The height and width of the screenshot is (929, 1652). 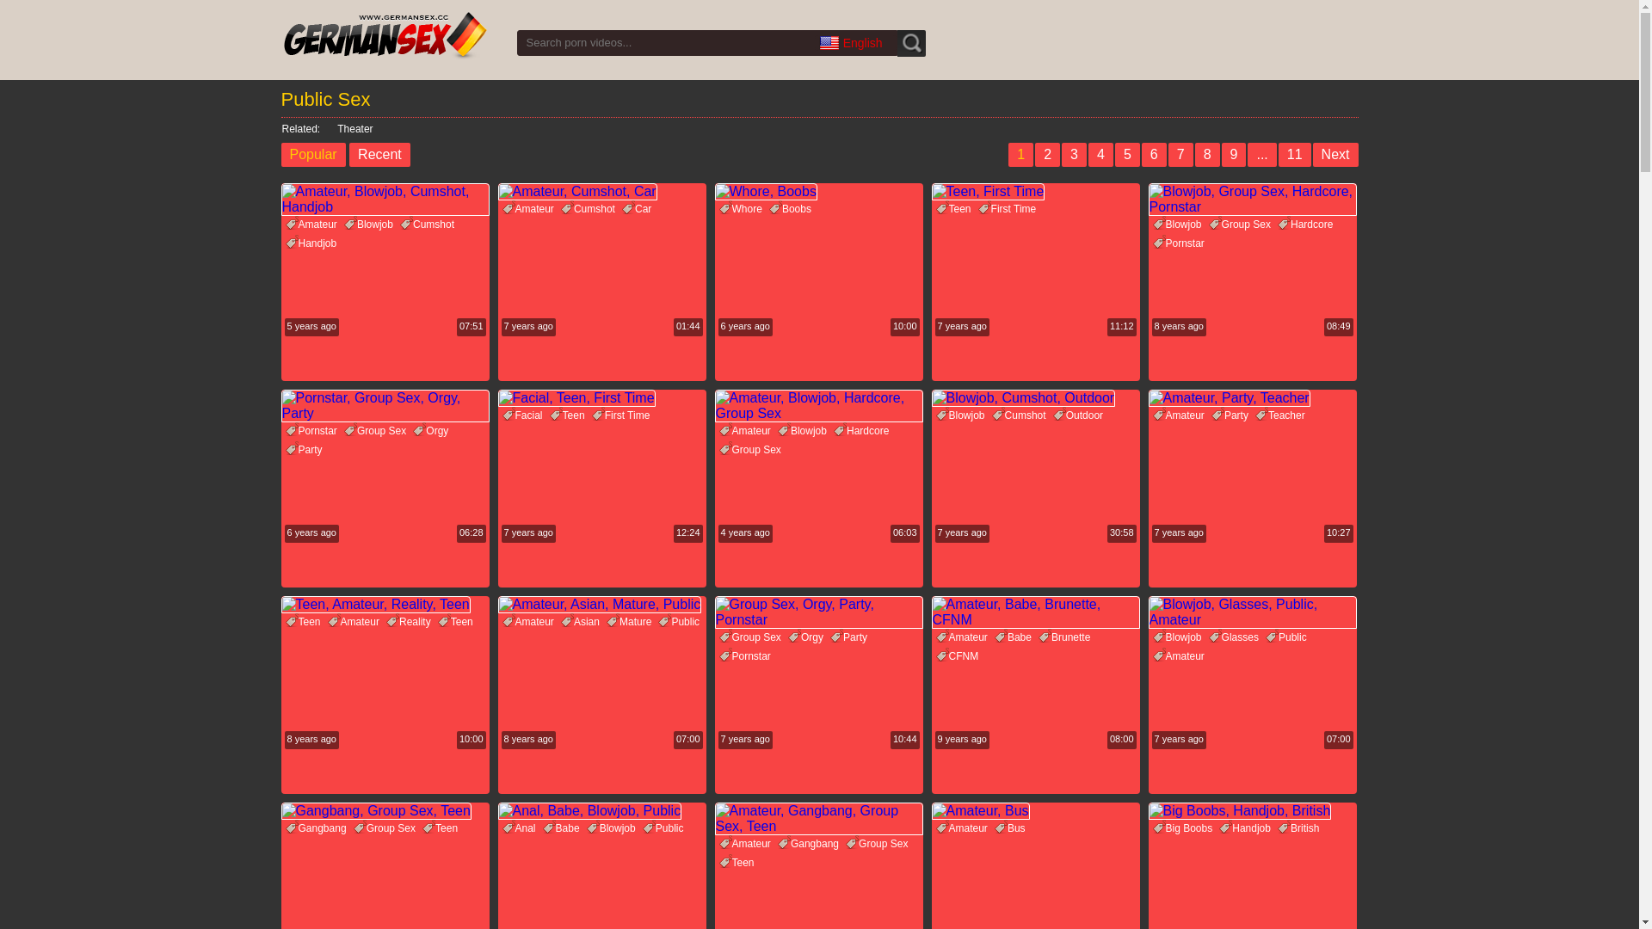 I want to click on 'Group Sex', so click(x=385, y=827).